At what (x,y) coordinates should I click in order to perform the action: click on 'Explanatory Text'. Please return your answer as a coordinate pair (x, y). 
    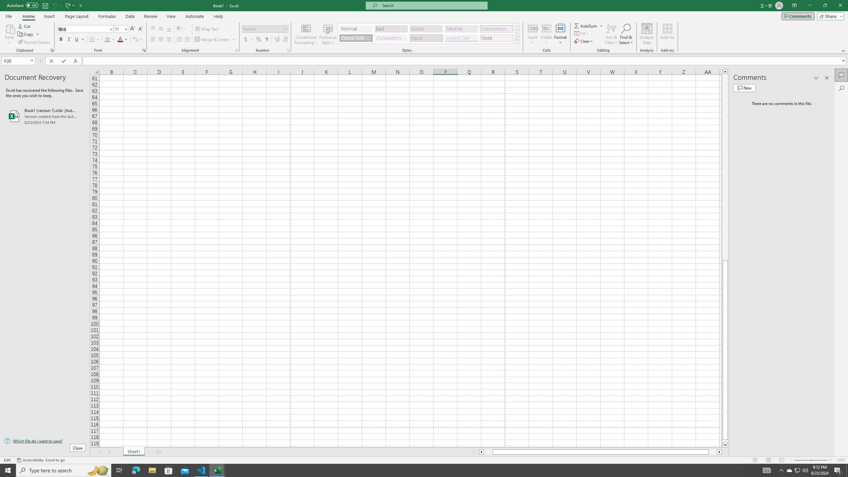
    Looking at the image, I should click on (391, 38).